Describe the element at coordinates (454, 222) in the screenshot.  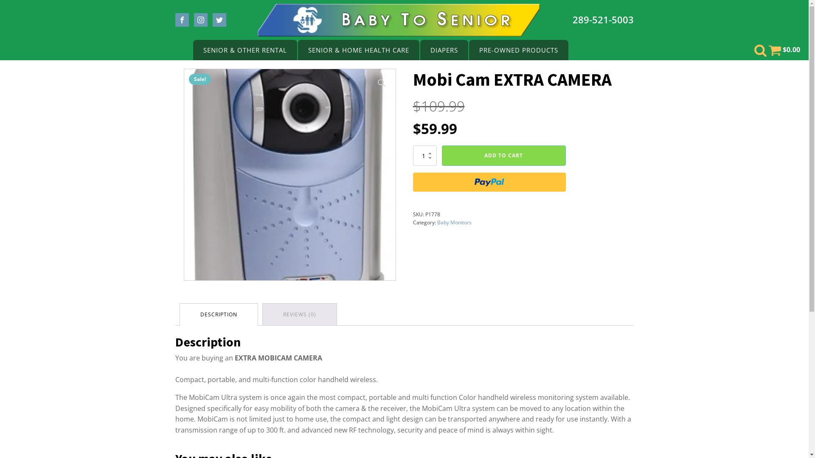
I see `'Baby Monitors'` at that location.